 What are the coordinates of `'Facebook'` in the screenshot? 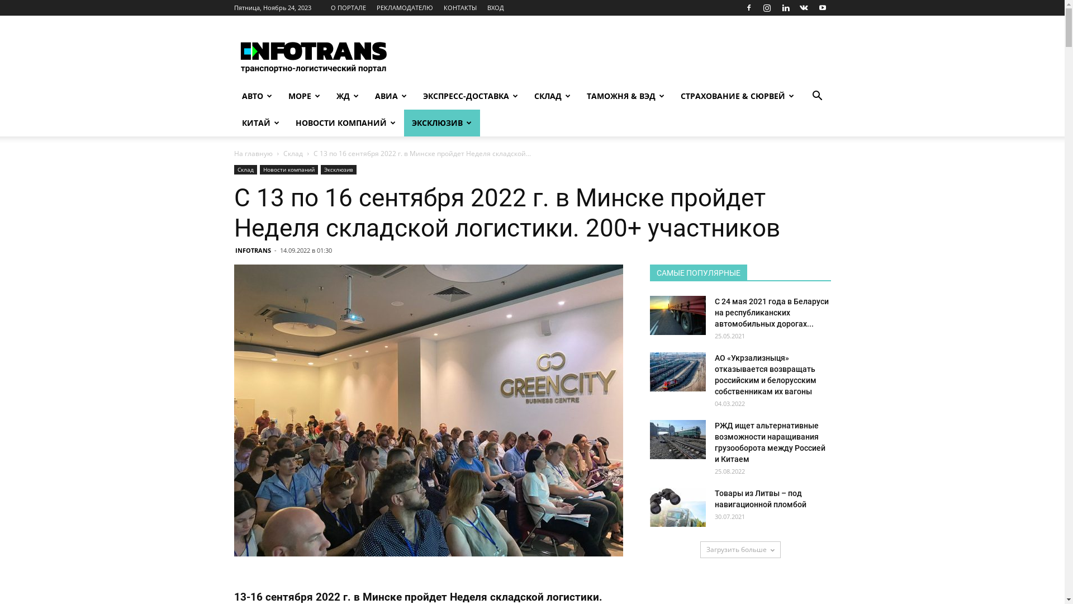 It's located at (748, 8).